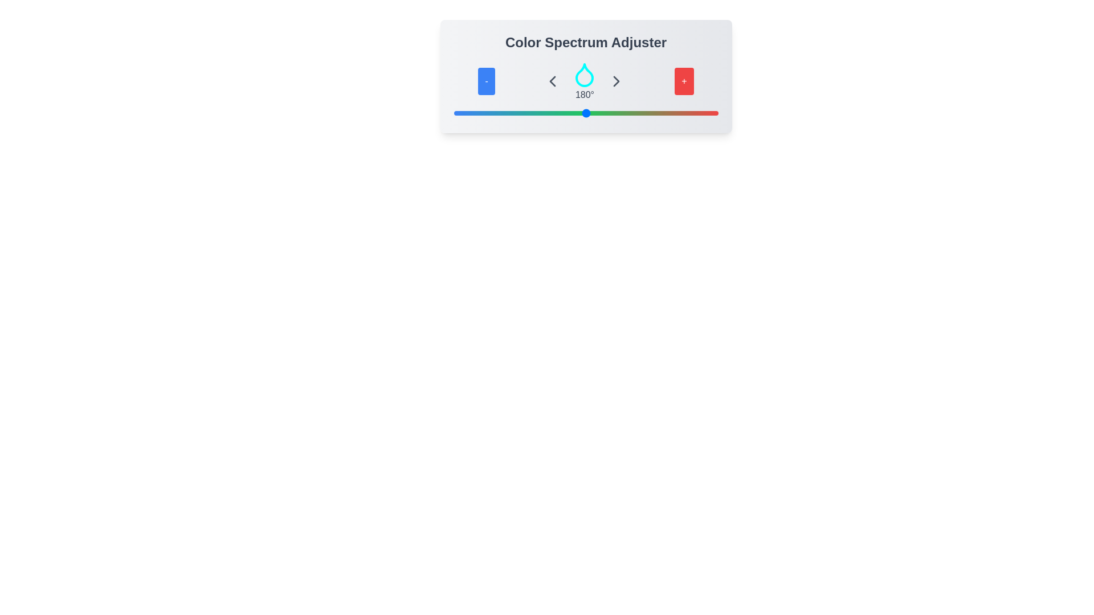  I want to click on the slider to set the color value to 309, so click(680, 113).